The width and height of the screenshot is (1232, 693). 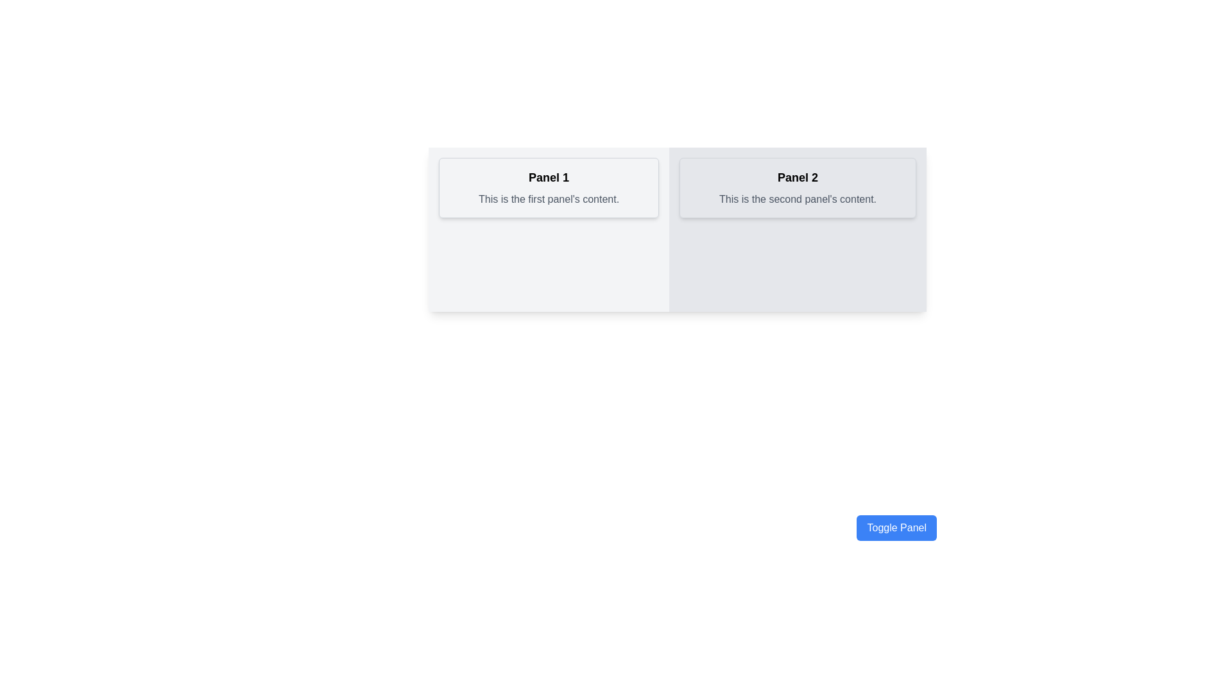 I want to click on the text label displaying 'Panel 2', which is a large, bold, black font located at the top of the second panel in a horizontal list, so click(x=797, y=178).